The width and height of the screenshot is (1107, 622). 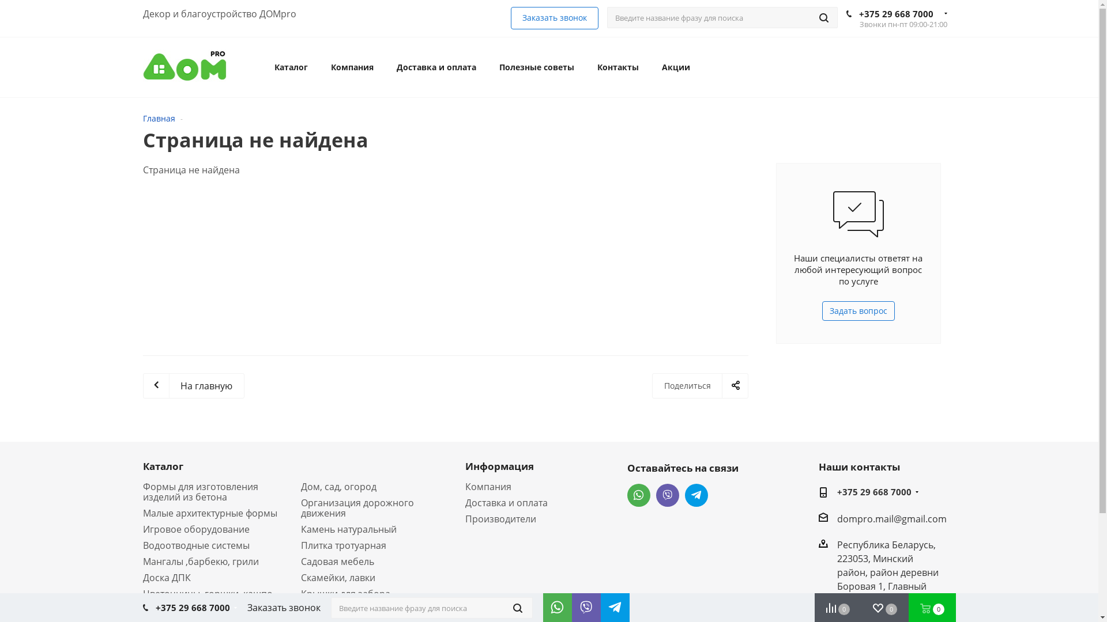 I want to click on '+375 29 668 7000', so click(x=874, y=492).